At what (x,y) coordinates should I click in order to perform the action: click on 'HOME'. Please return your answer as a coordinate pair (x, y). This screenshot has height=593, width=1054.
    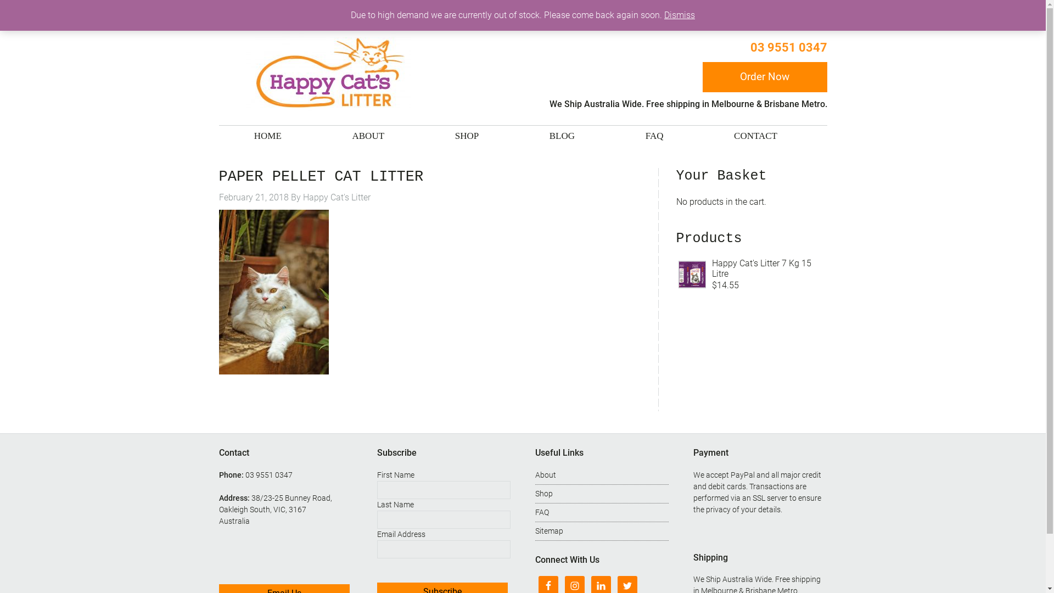
    Looking at the image, I should click on (268, 135).